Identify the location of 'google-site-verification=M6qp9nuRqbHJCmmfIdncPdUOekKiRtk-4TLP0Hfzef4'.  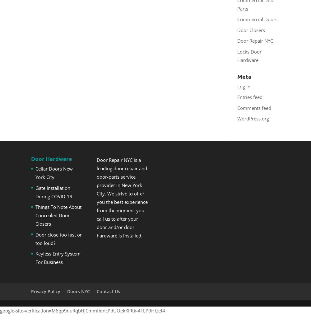
(82, 310).